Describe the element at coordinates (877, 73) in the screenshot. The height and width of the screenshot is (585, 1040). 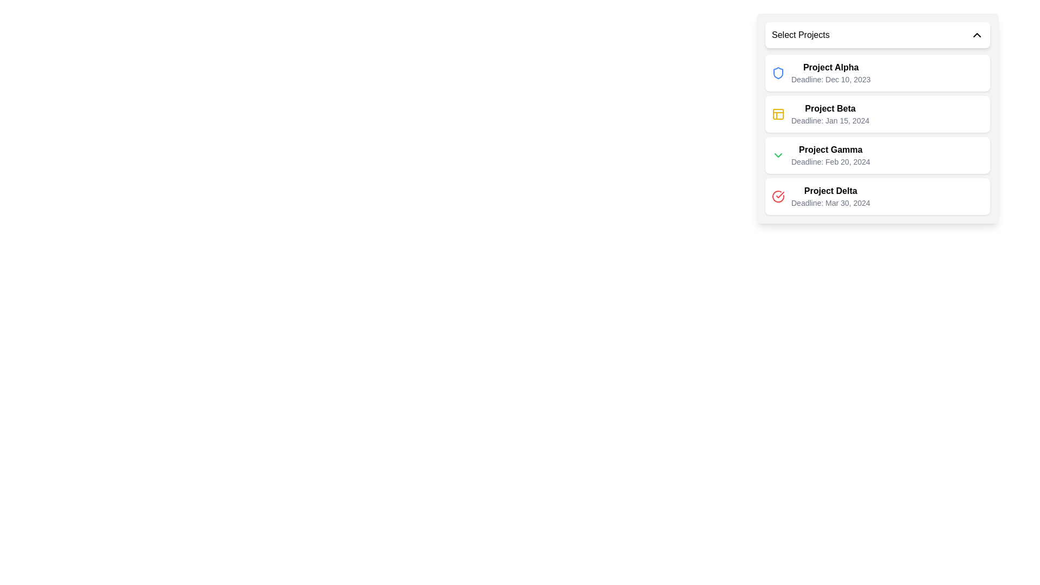
I see `the first list item in the 'Select Projects' dropdown menu that presents key information about 'Project Alpha.'` at that location.